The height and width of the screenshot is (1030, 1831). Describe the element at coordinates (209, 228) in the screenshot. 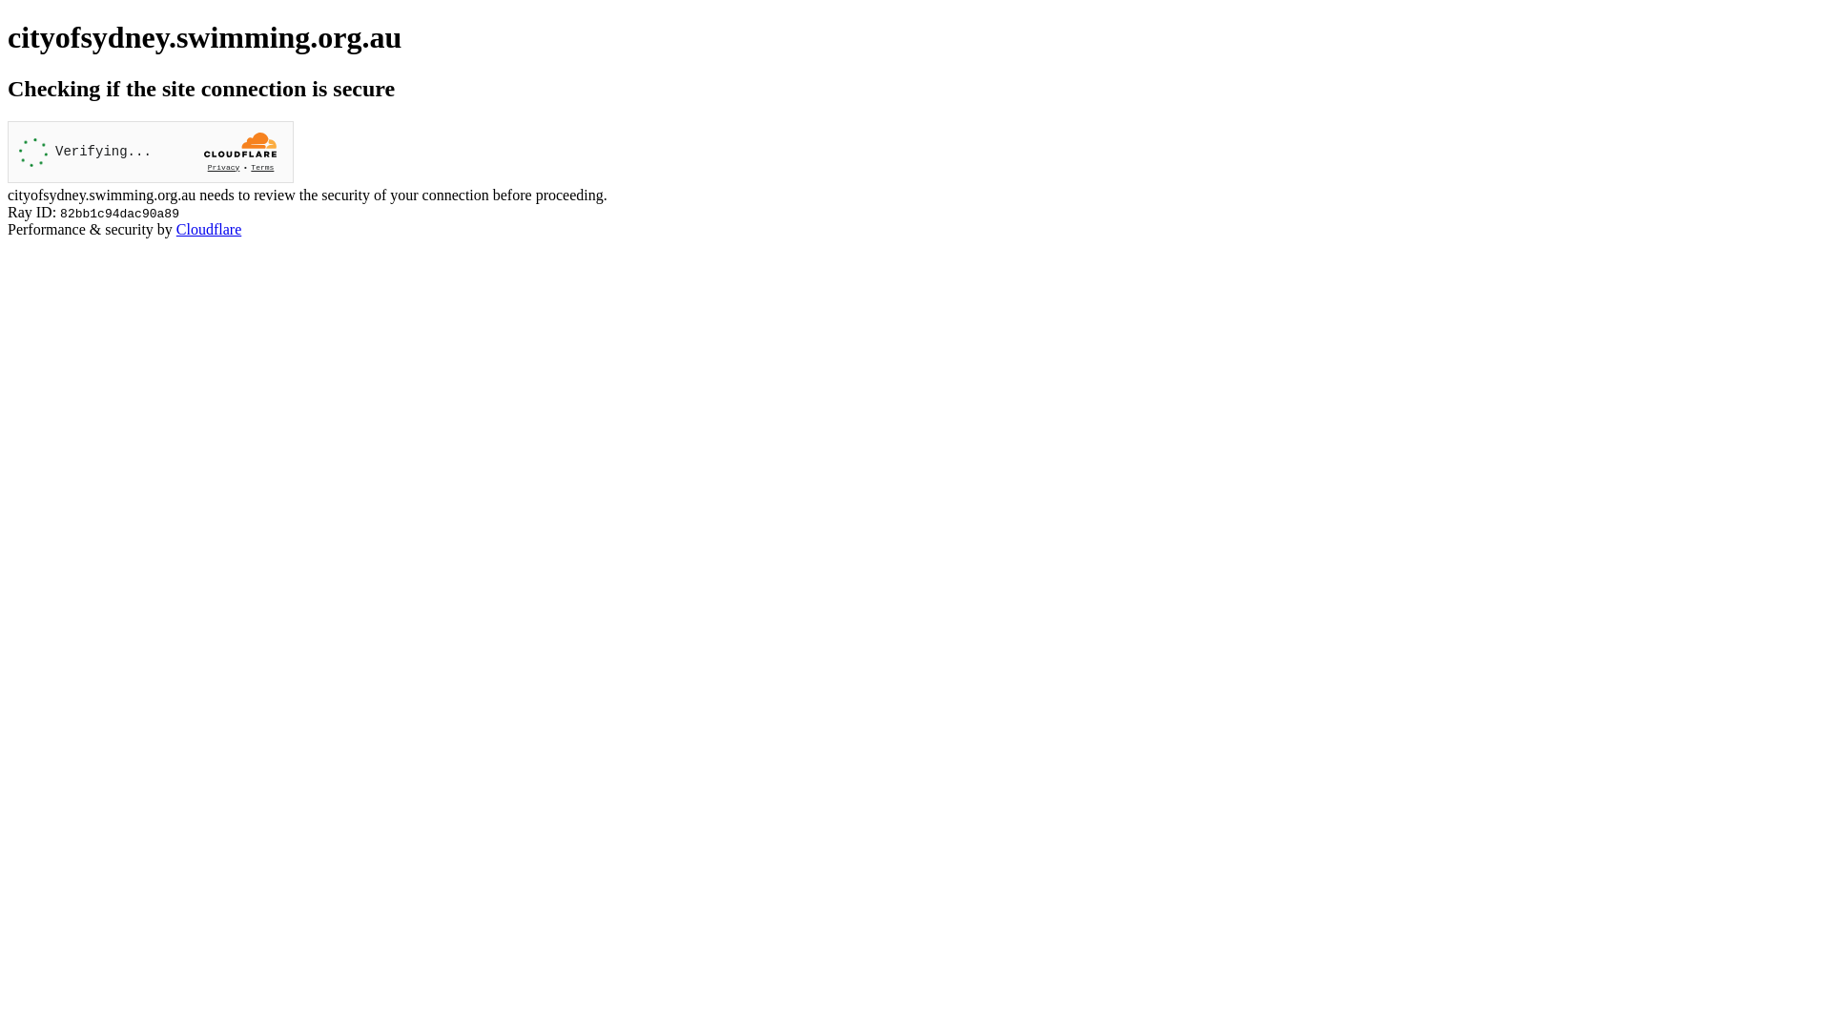

I see `'Cloudflare'` at that location.